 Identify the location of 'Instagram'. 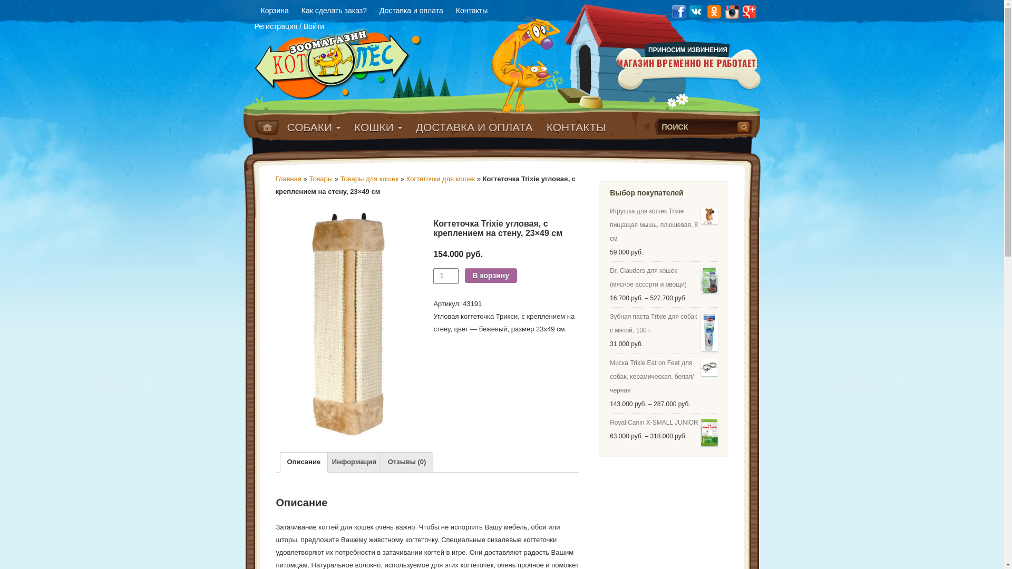
(731, 11).